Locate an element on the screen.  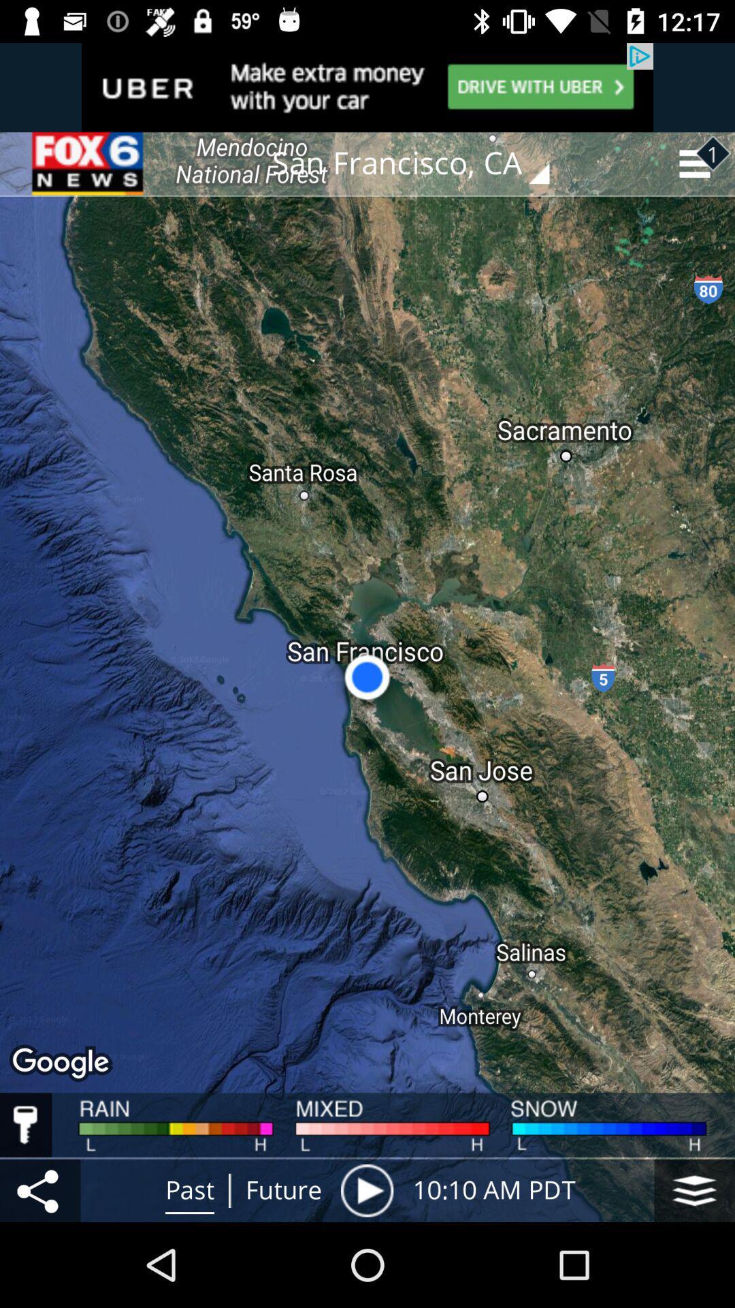
icon to the left of past is located at coordinates (39, 1189).